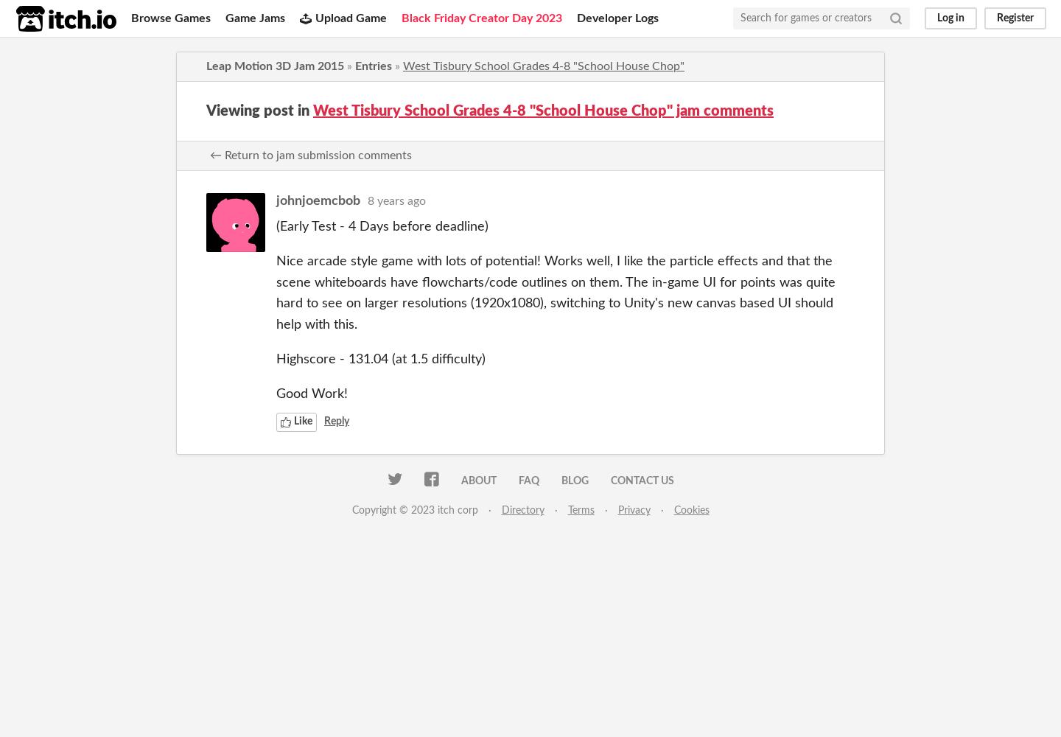  Describe the element at coordinates (542, 111) in the screenshot. I see `'West Tisbury School Grades 4-8 "School House Chop" jam comments'` at that location.